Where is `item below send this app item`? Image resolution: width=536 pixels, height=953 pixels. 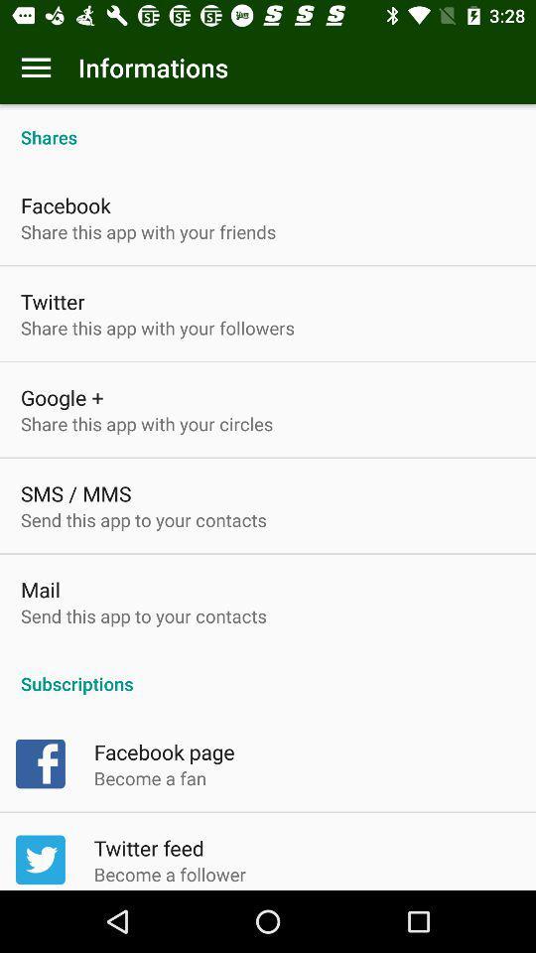
item below send this app item is located at coordinates (268, 673).